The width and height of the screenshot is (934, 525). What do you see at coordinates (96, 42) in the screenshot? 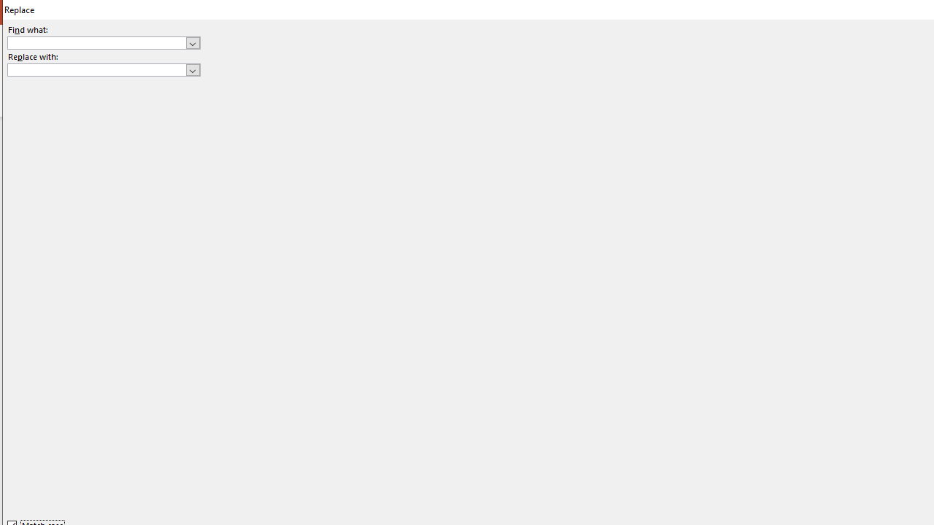
I see `'Find what'` at bounding box center [96, 42].